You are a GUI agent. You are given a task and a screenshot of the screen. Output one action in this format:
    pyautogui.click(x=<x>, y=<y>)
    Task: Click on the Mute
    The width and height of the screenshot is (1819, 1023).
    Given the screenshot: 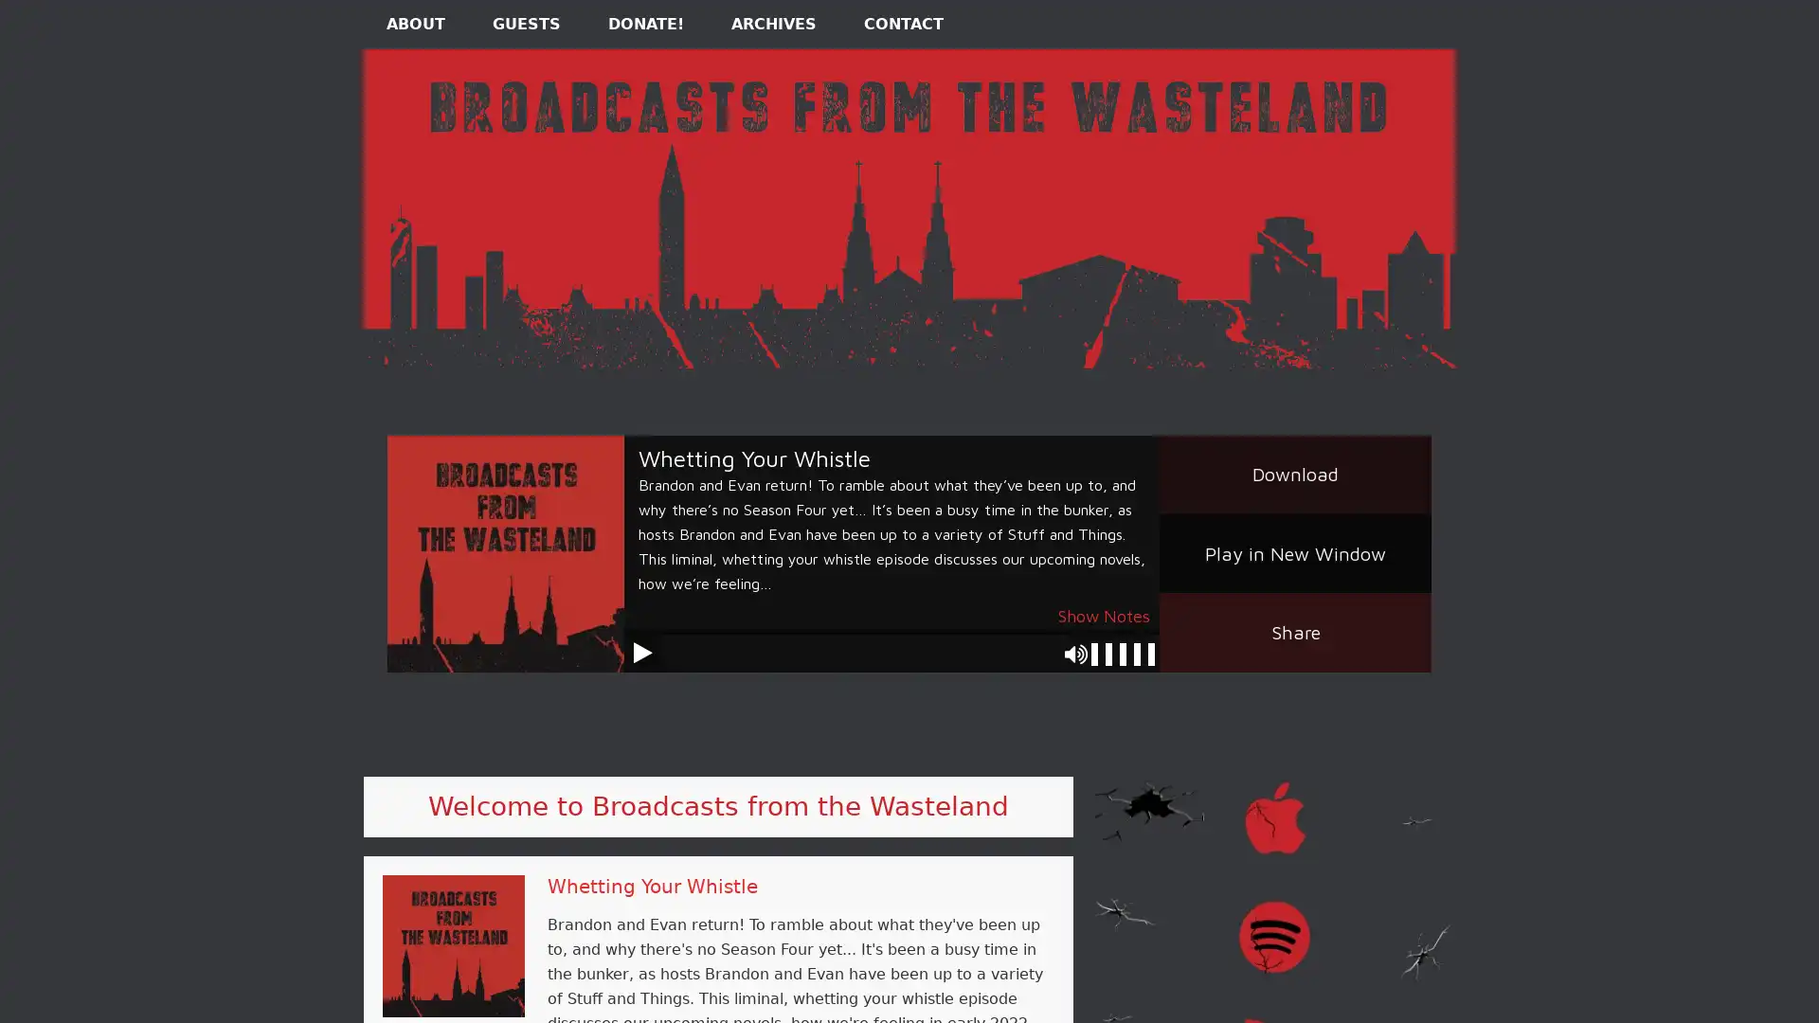 What is the action you would take?
    pyautogui.click(x=1076, y=653)
    